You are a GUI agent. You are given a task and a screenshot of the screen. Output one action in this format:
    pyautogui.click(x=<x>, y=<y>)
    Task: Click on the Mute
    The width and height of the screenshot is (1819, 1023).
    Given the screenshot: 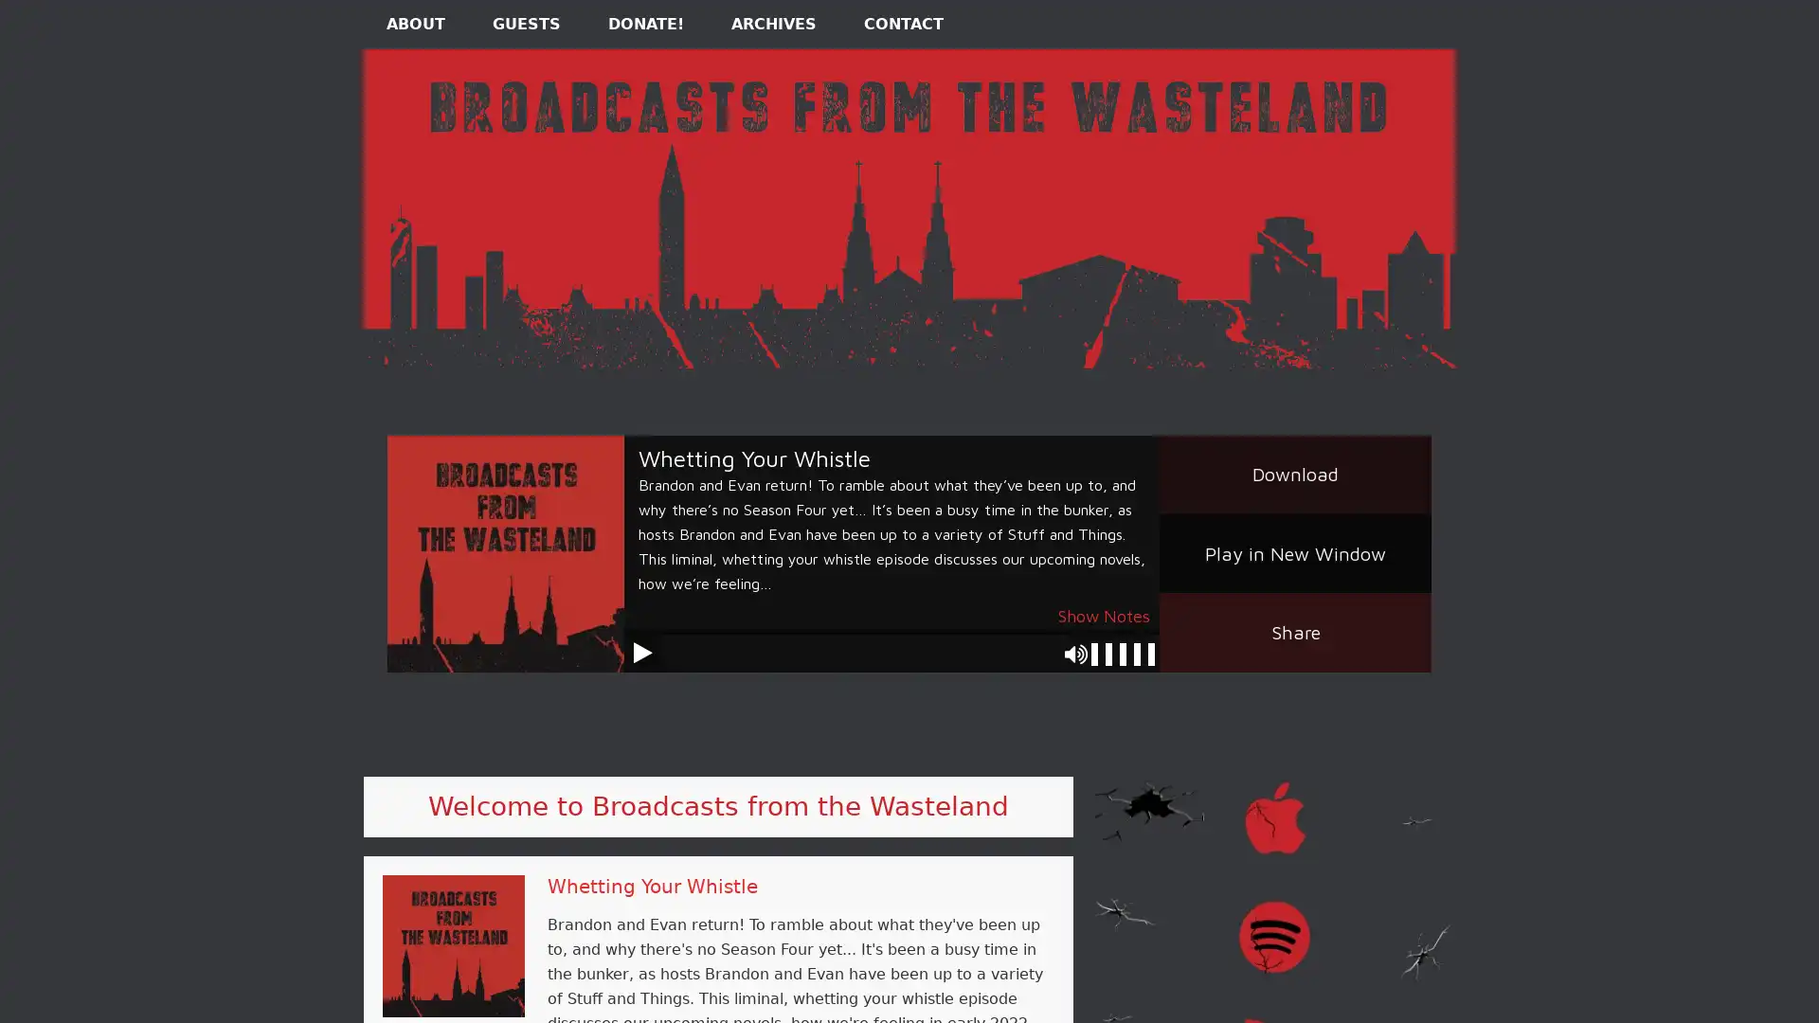 What is the action you would take?
    pyautogui.click(x=1076, y=653)
    